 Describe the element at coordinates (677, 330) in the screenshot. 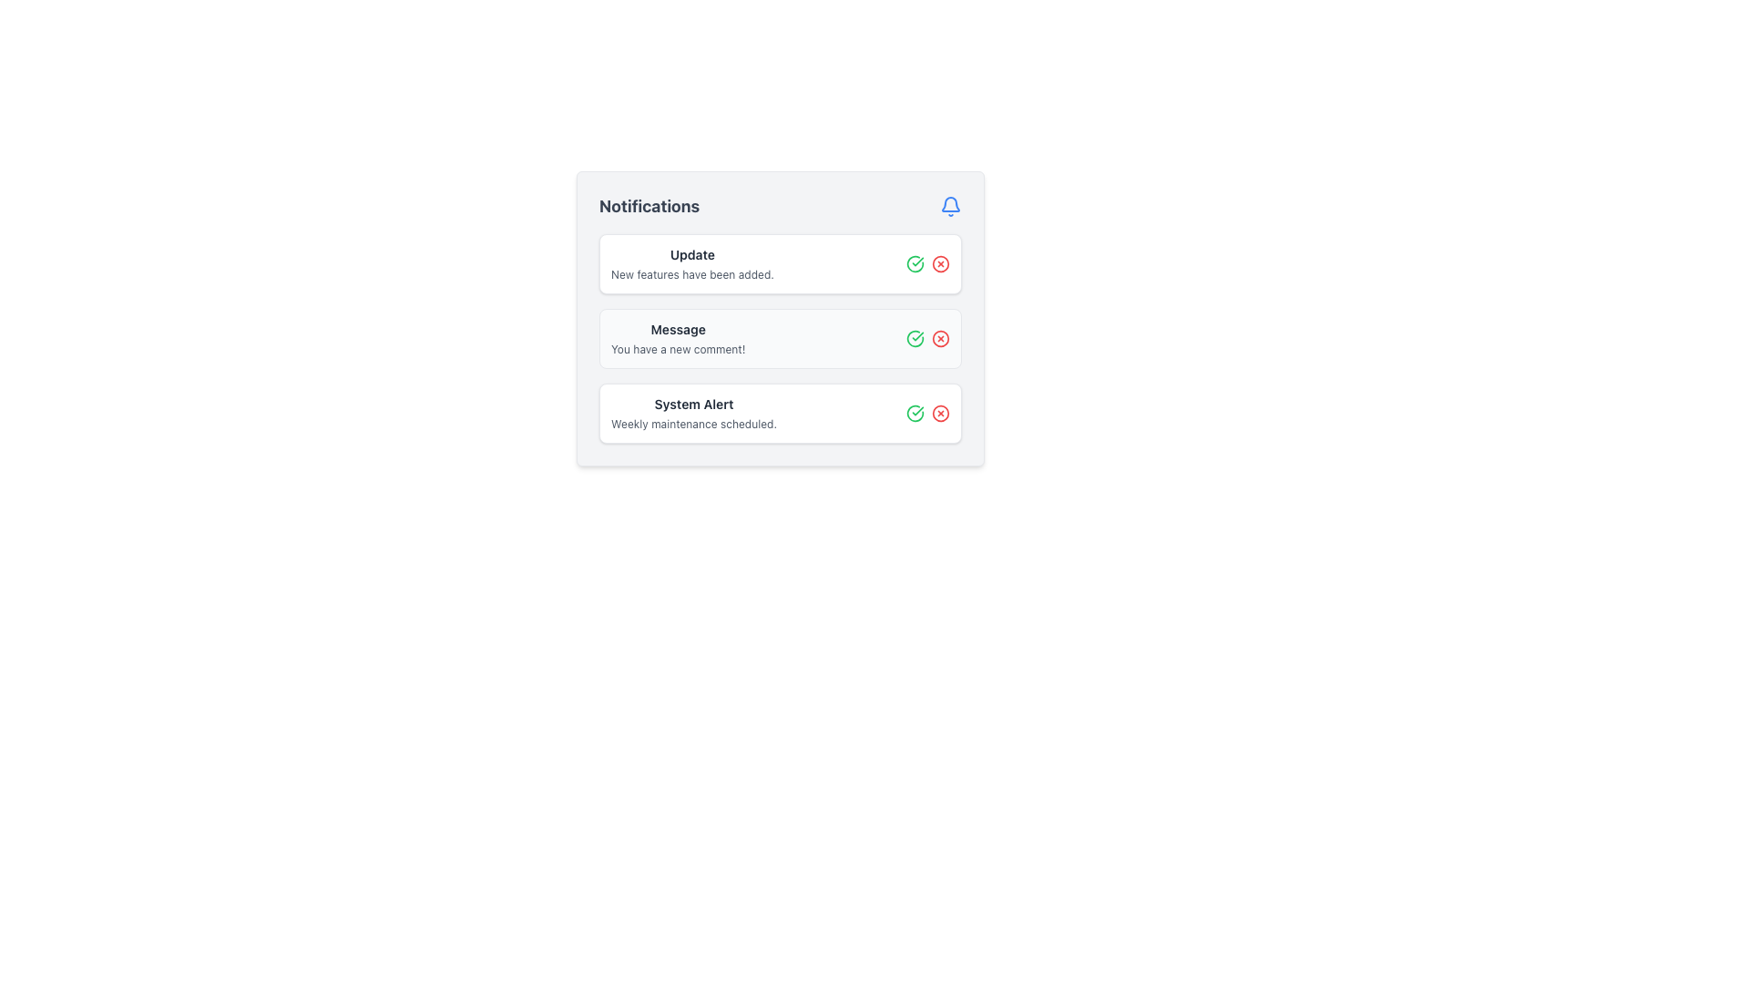

I see `the text label displaying 'Message' in bold dark gray, which is positioned centrally in the second notification card above the subtext 'You have a new comment!'` at that location.